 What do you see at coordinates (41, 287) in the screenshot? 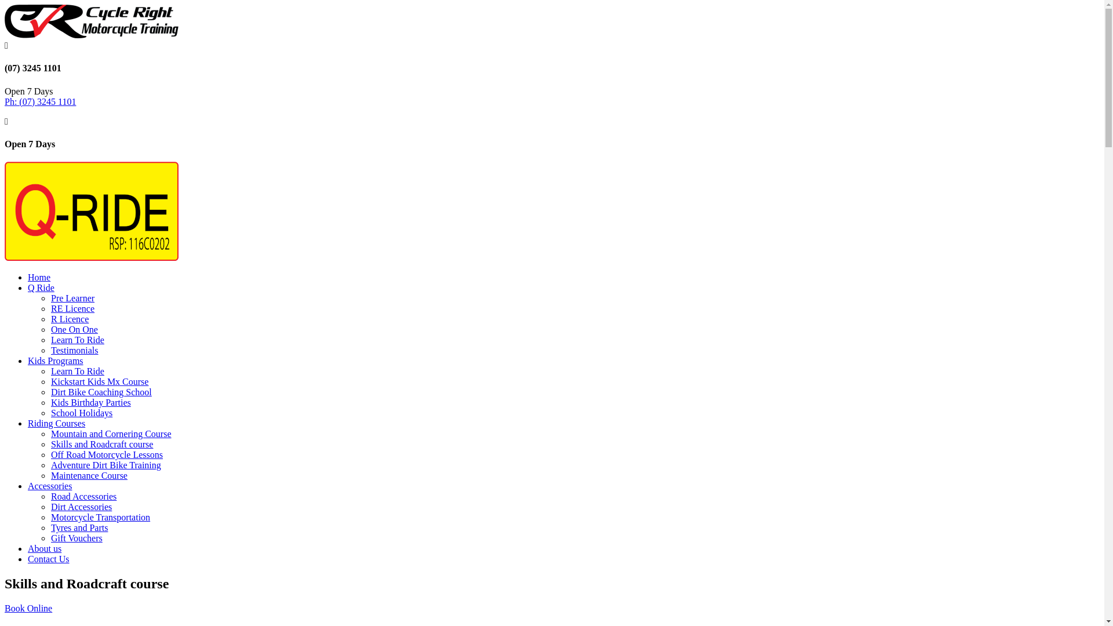
I see `'Q Ride'` at bounding box center [41, 287].